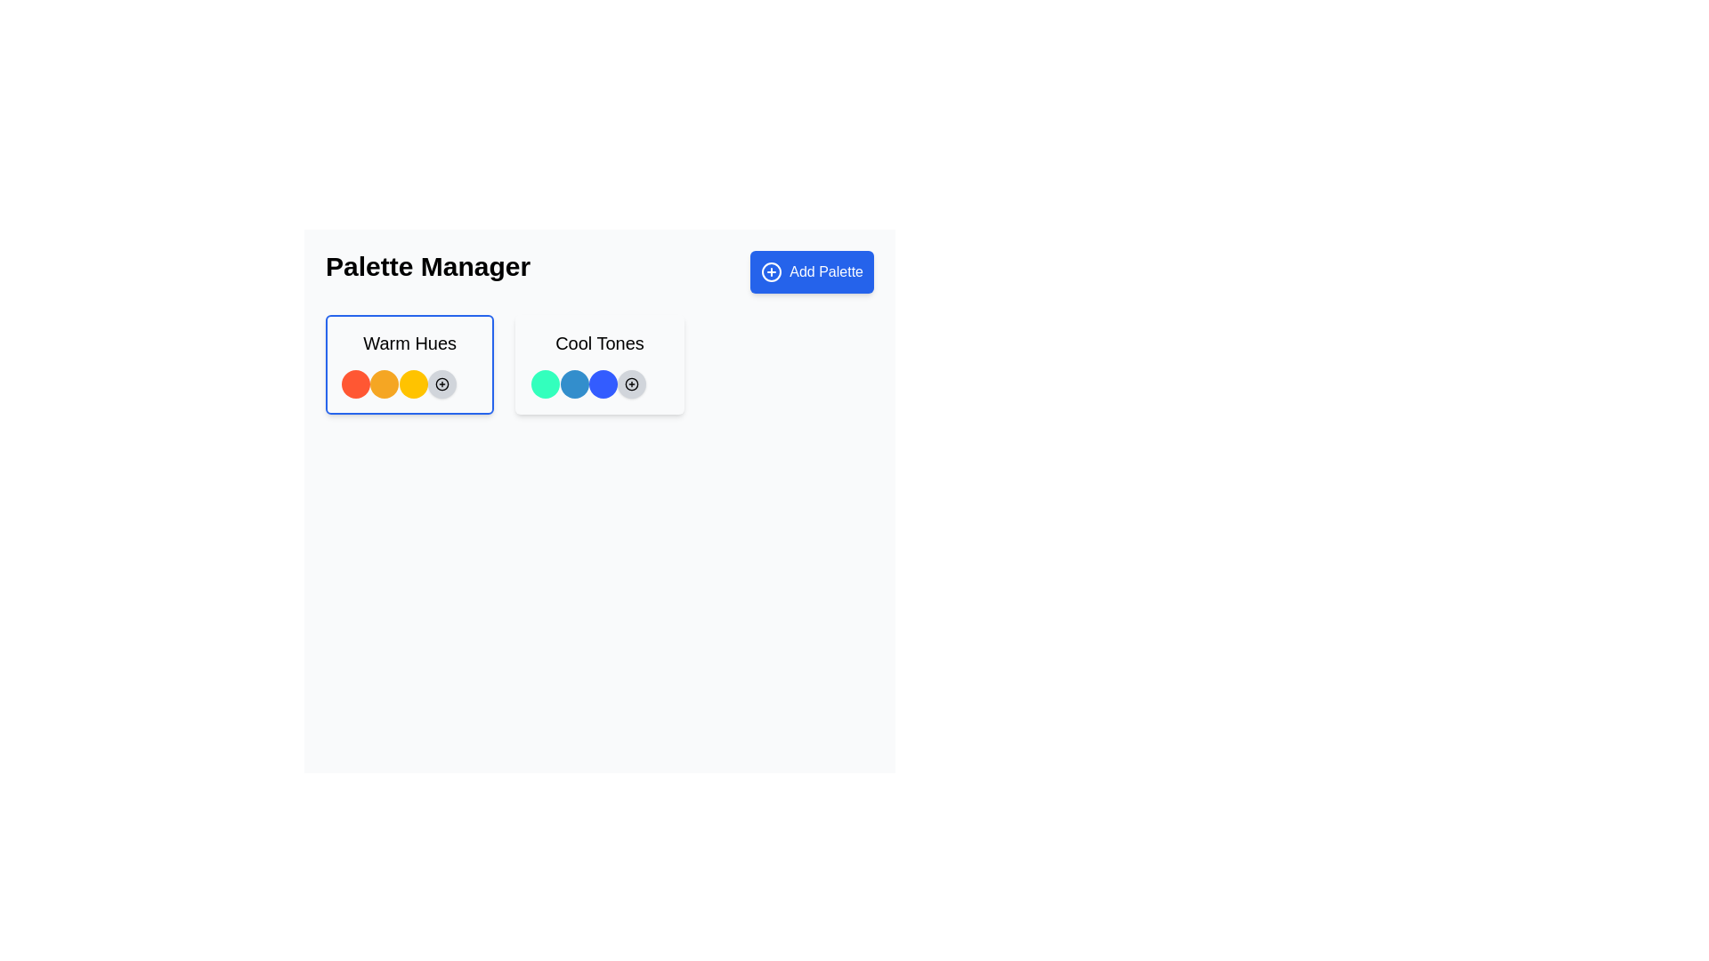 This screenshot has width=1709, height=961. What do you see at coordinates (384, 384) in the screenshot?
I see `the second color swatch in the 'Warm Hues' palette, which is an orange circular item located between the red and yellow swatches` at bounding box center [384, 384].